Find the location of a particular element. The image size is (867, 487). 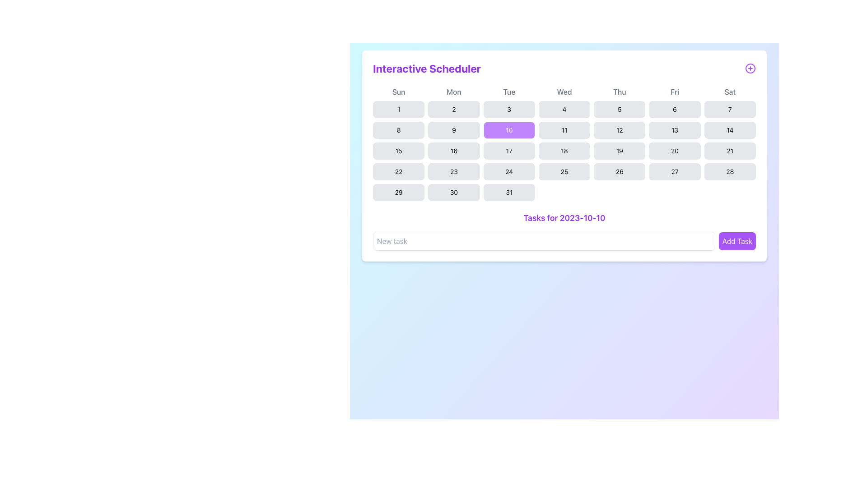

the interactive calendar day button labeled '27' is located at coordinates (675, 172).